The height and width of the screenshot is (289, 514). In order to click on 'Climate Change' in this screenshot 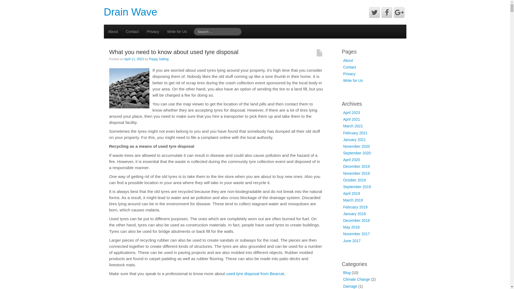, I will do `click(343, 279)`.